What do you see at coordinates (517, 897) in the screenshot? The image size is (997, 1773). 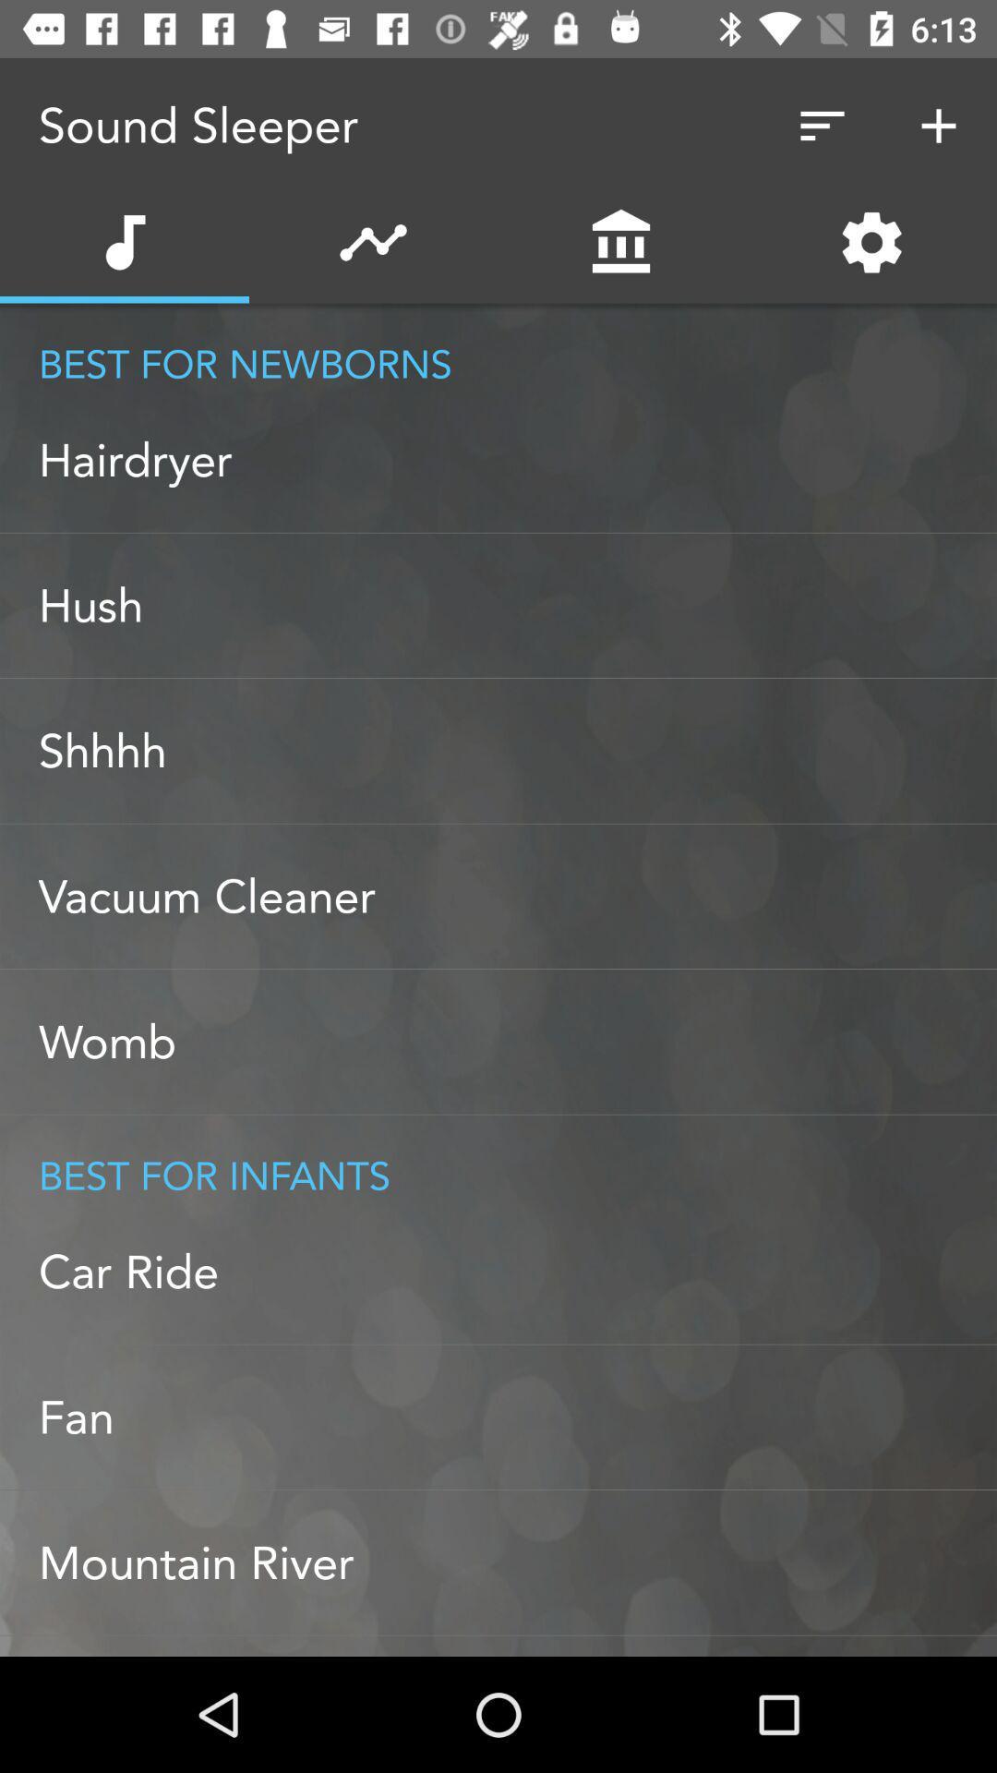 I see `the vacuum cleaner icon` at bounding box center [517, 897].